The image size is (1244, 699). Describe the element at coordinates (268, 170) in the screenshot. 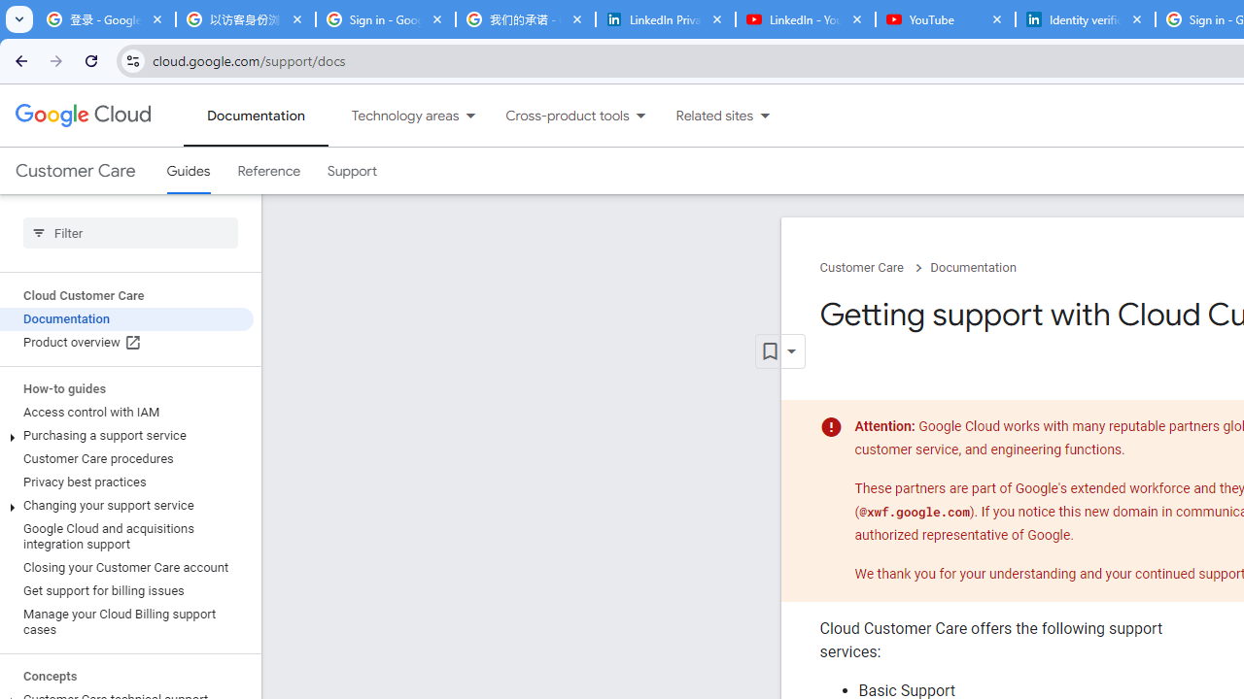

I see `'Reference'` at that location.